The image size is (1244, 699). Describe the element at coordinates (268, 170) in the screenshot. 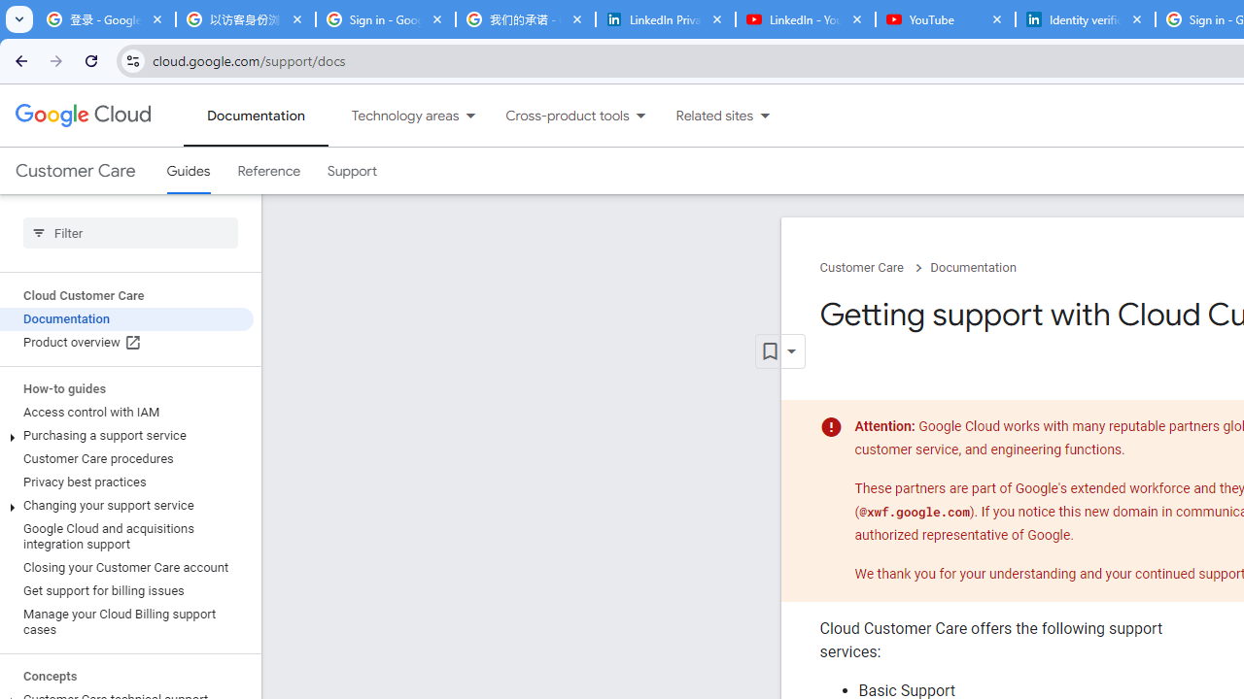

I see `'Reference'` at that location.